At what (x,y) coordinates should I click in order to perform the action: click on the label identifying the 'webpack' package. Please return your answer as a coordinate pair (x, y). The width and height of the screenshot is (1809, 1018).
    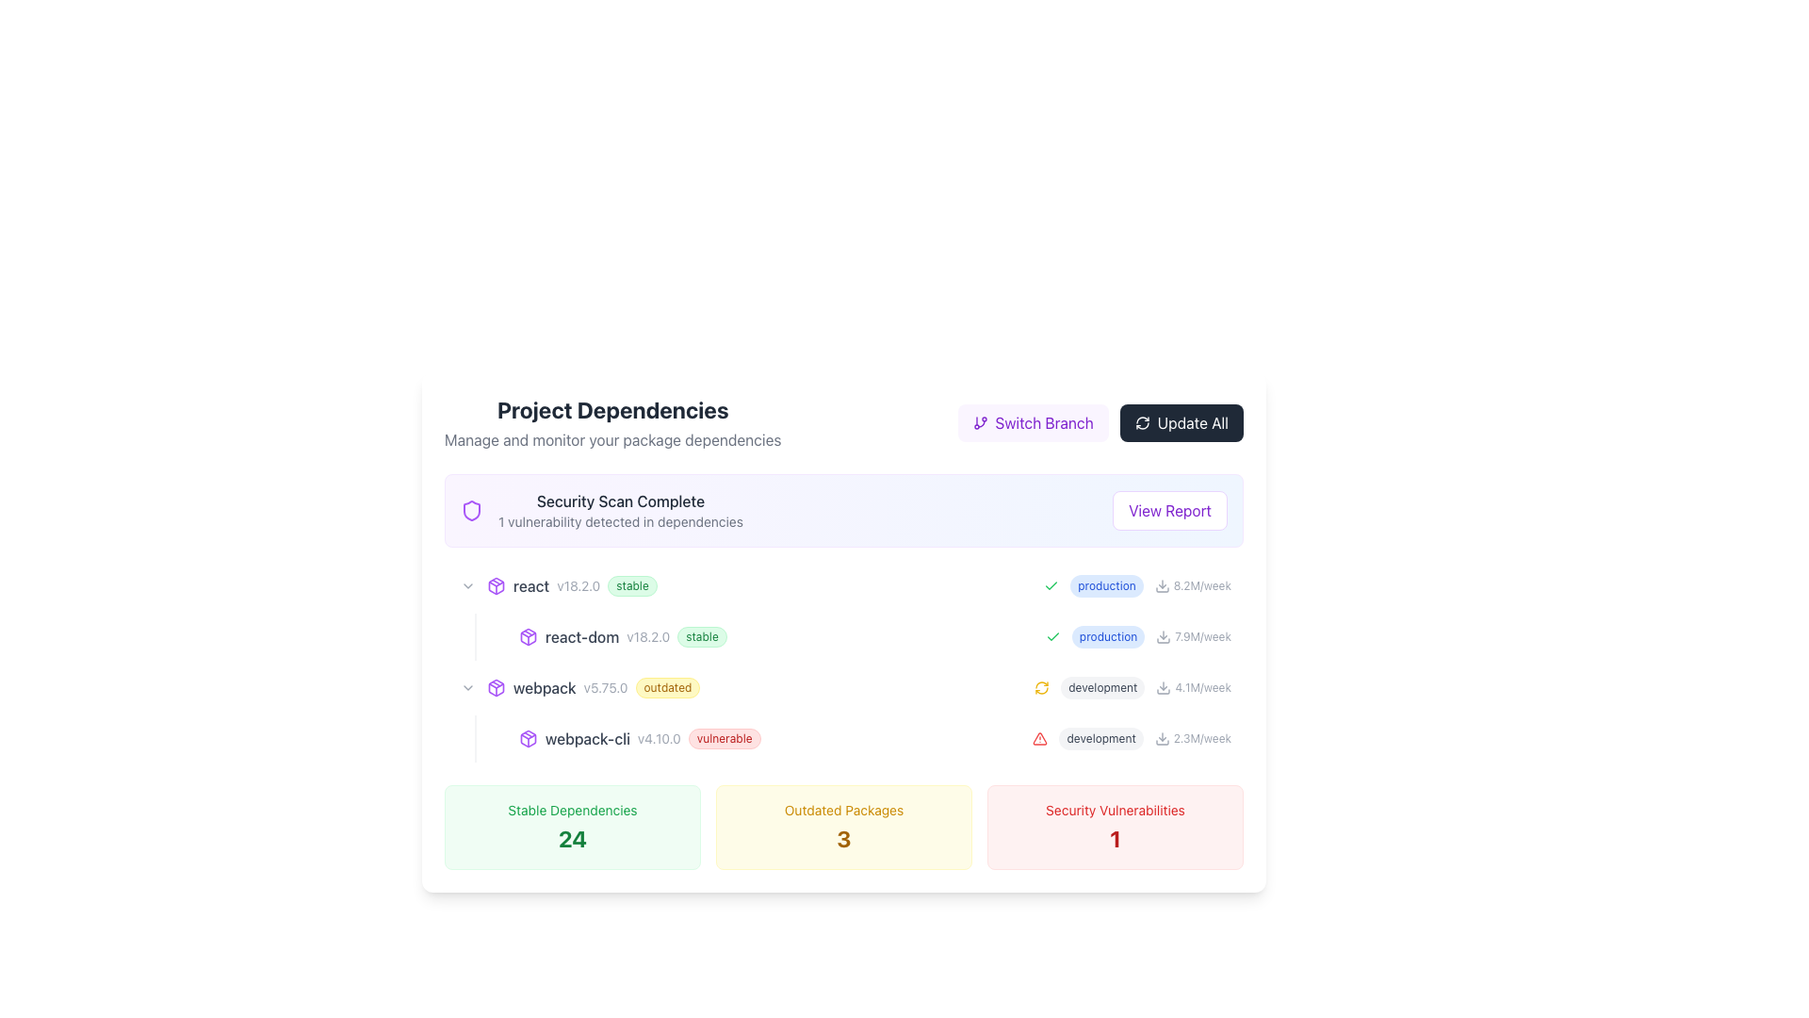
    Looking at the image, I should click on (544, 687).